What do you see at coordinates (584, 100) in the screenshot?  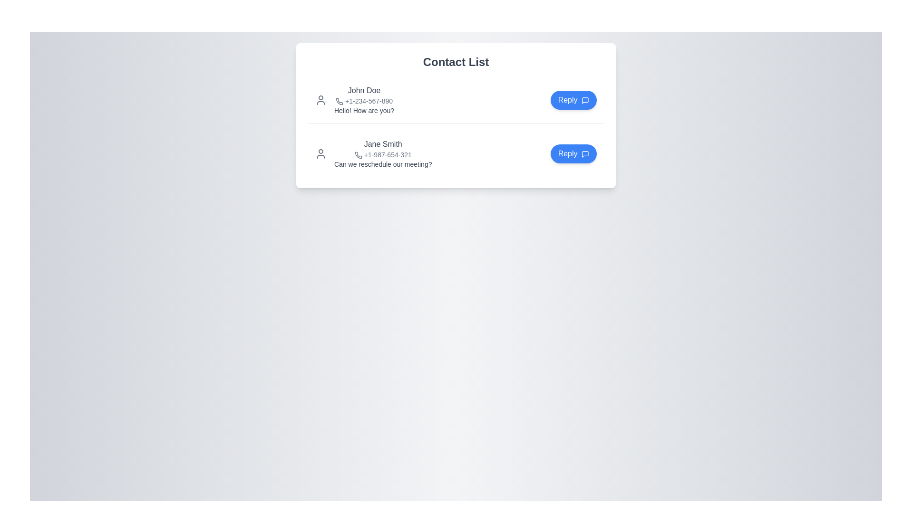 I see `the small speech bubble icon located to the right of the 'Reply' text in the button associated with user 'John Doe'` at bounding box center [584, 100].